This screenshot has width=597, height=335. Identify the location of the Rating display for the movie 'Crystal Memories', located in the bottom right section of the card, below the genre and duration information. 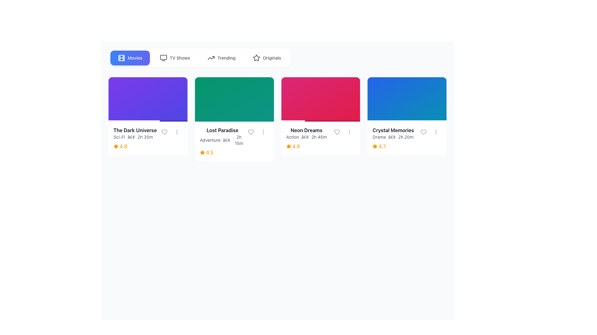
(407, 146).